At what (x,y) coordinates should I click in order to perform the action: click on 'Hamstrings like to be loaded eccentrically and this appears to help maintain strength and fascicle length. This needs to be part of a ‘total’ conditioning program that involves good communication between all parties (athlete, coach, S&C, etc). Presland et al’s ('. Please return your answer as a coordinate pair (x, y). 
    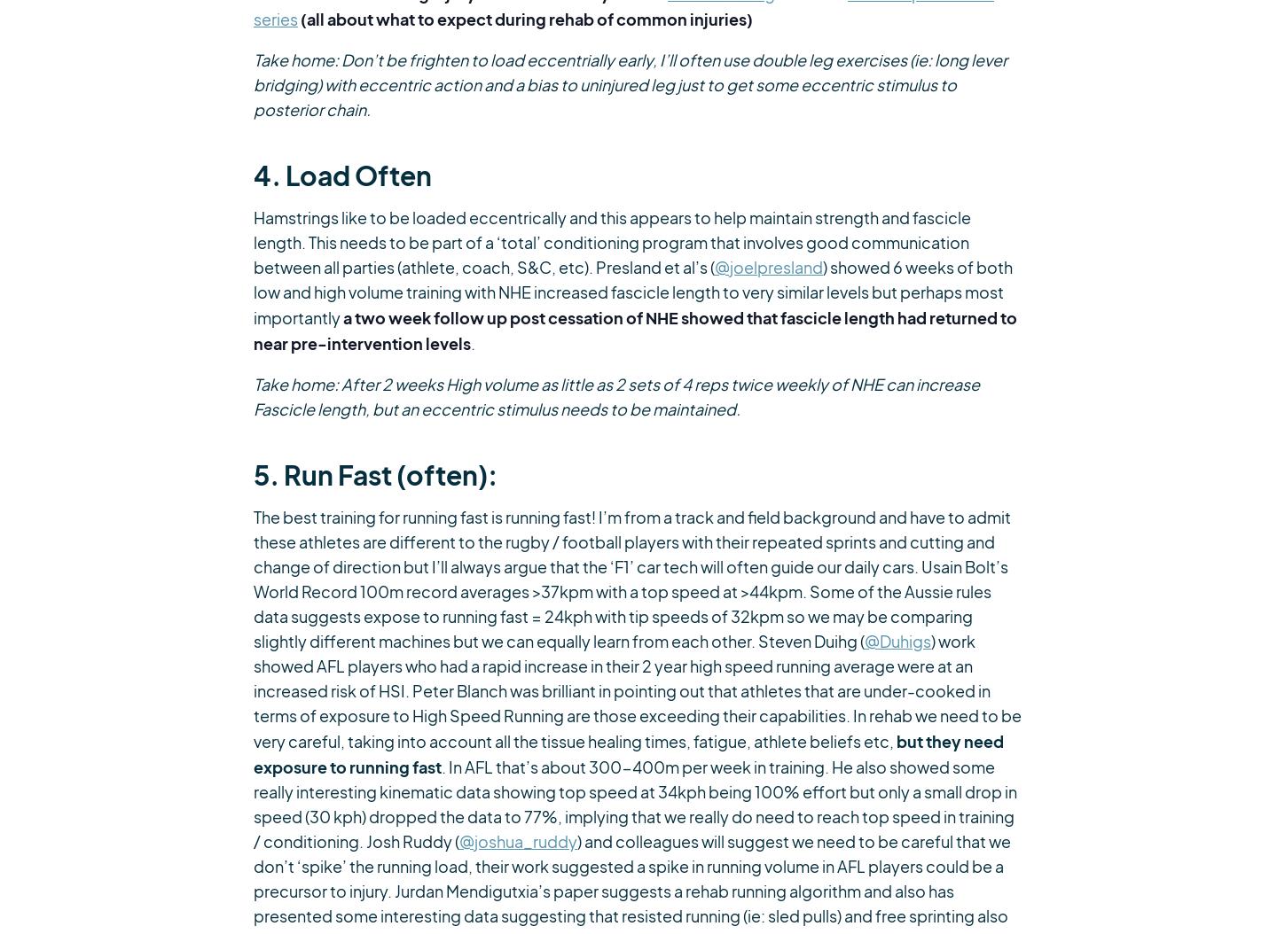
    Looking at the image, I should click on (612, 241).